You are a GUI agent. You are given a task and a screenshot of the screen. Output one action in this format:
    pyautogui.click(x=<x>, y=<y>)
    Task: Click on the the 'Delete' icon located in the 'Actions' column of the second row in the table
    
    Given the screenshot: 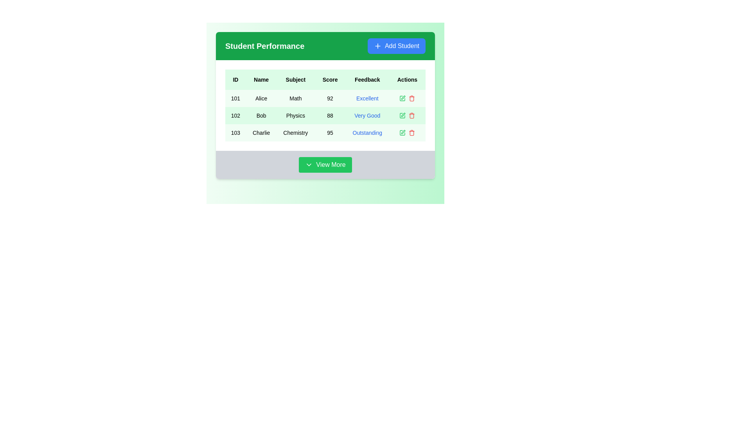 What is the action you would take?
    pyautogui.click(x=411, y=116)
    